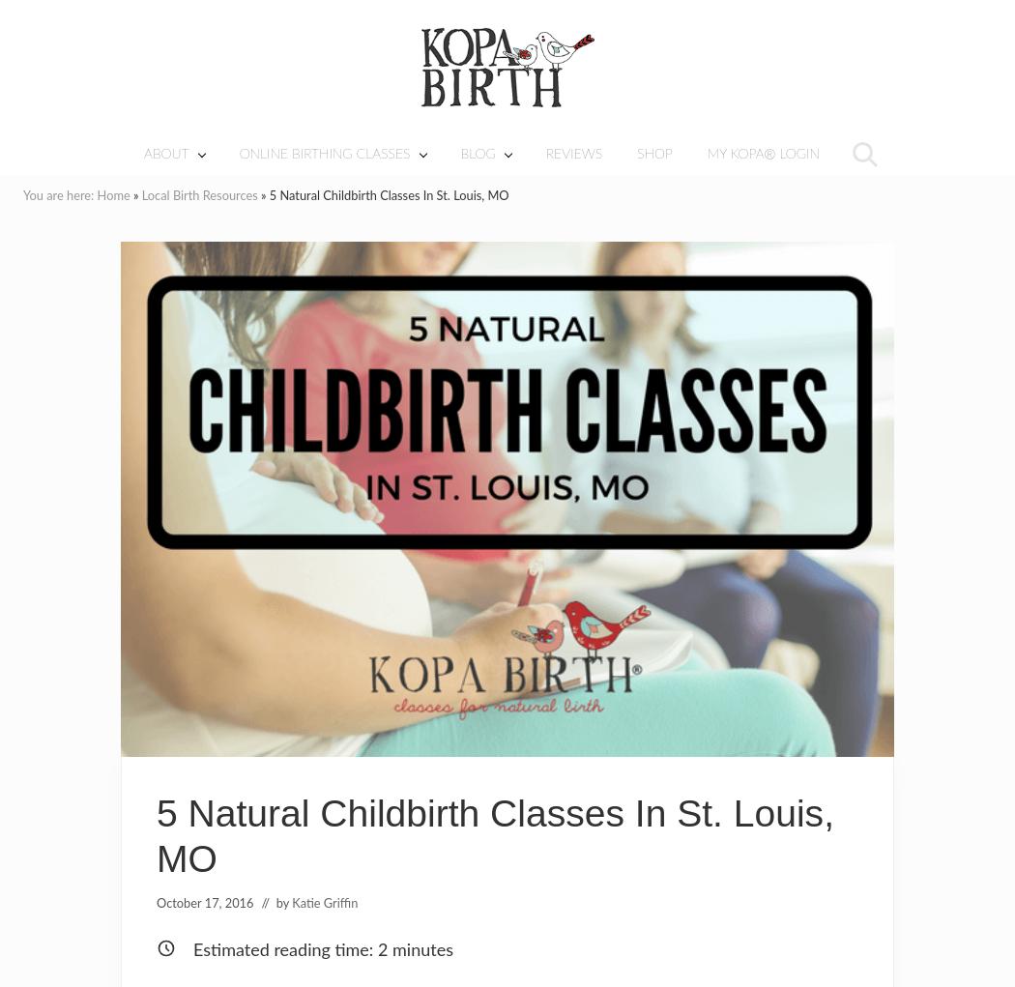 The height and width of the screenshot is (987, 1015). What do you see at coordinates (75, 195) in the screenshot?
I see `'You are here: Home'` at bounding box center [75, 195].